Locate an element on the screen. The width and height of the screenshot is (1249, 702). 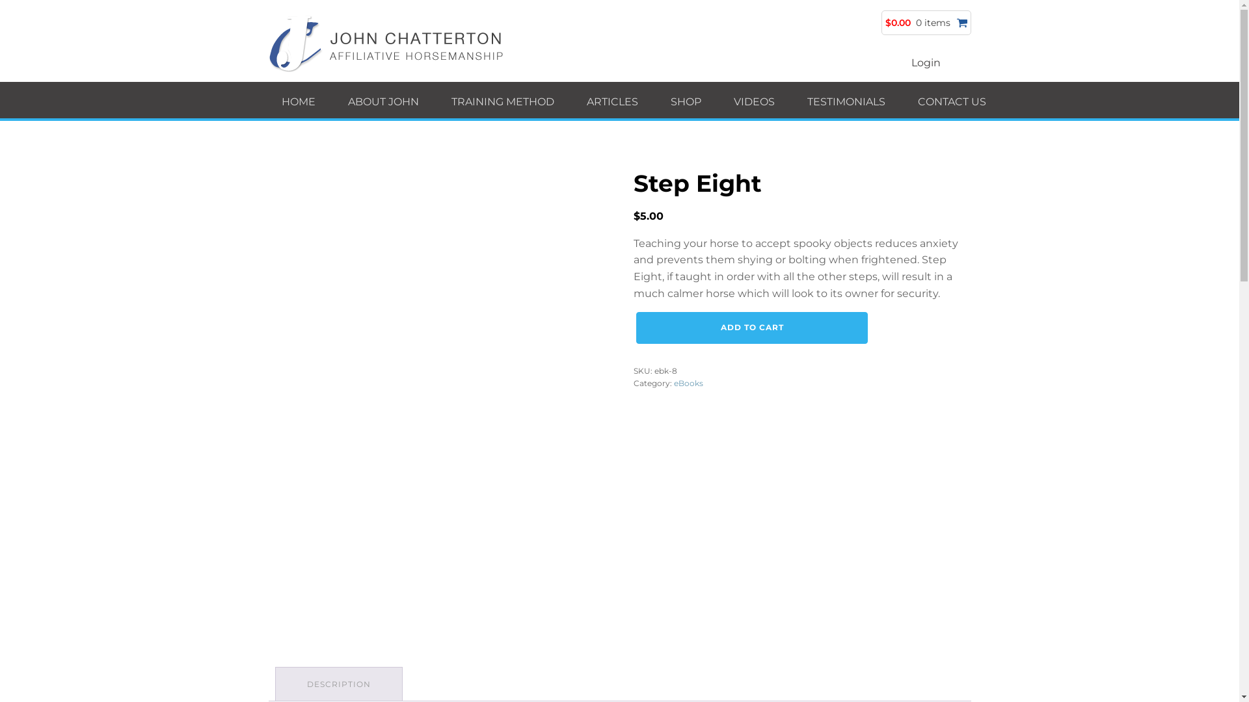
'eBooks' is located at coordinates (688, 382).